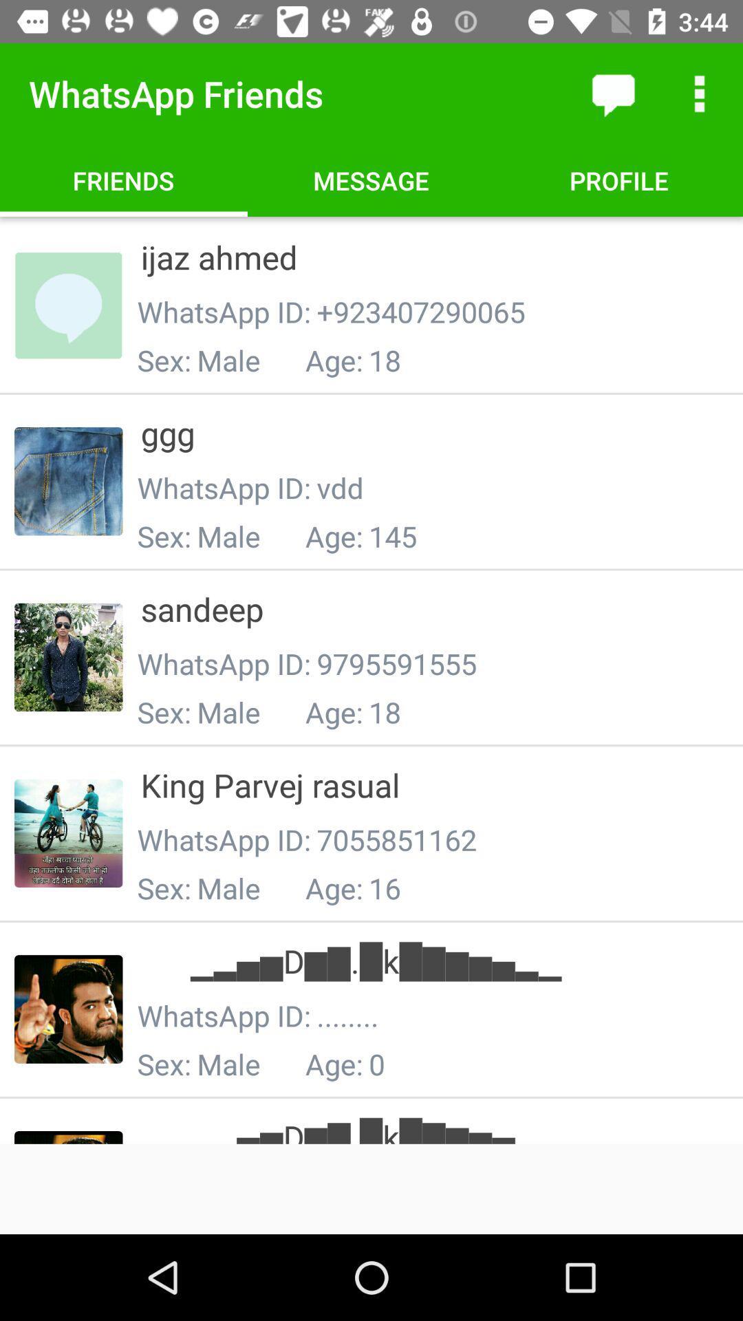 The height and width of the screenshot is (1321, 743). I want to click on write new message, so click(612, 93).